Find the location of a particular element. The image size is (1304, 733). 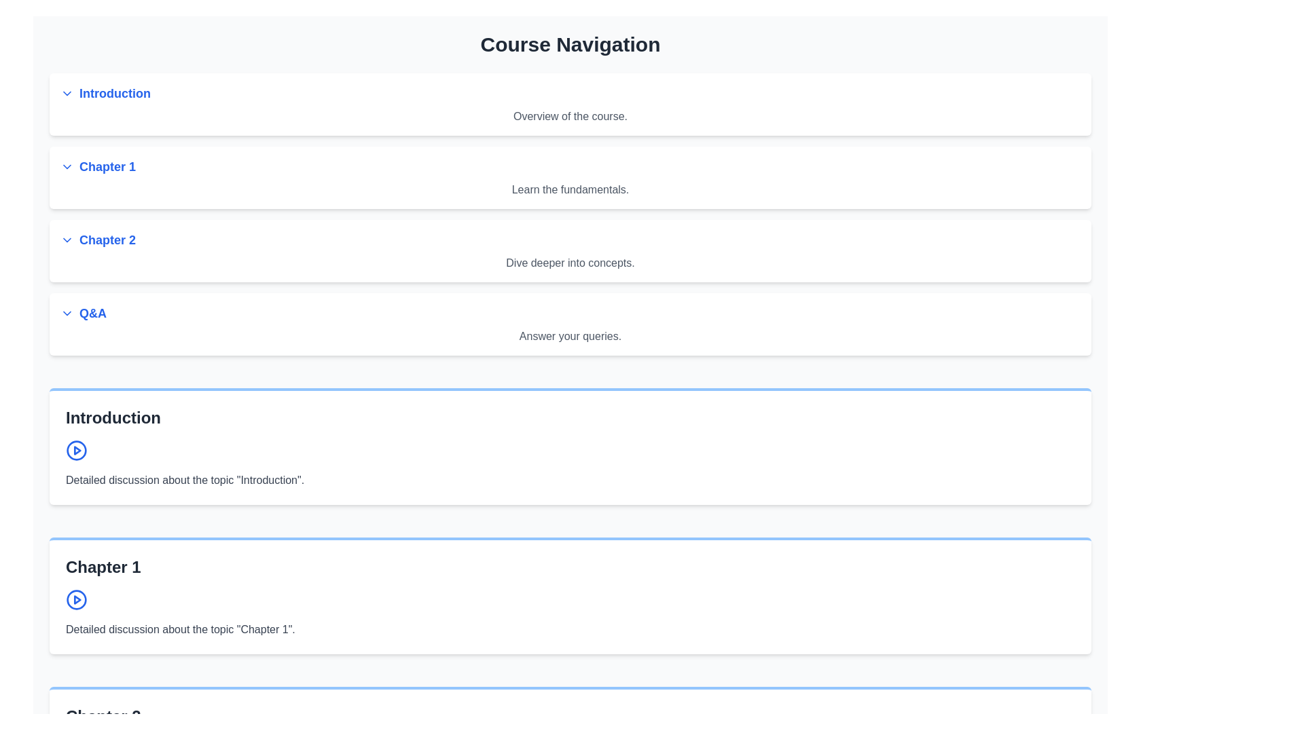

the downward chevron icon indicating the expandable 'Chapter 2' section in the Course Navigation interface for tooltip or visual feedback is located at coordinates (67, 240).